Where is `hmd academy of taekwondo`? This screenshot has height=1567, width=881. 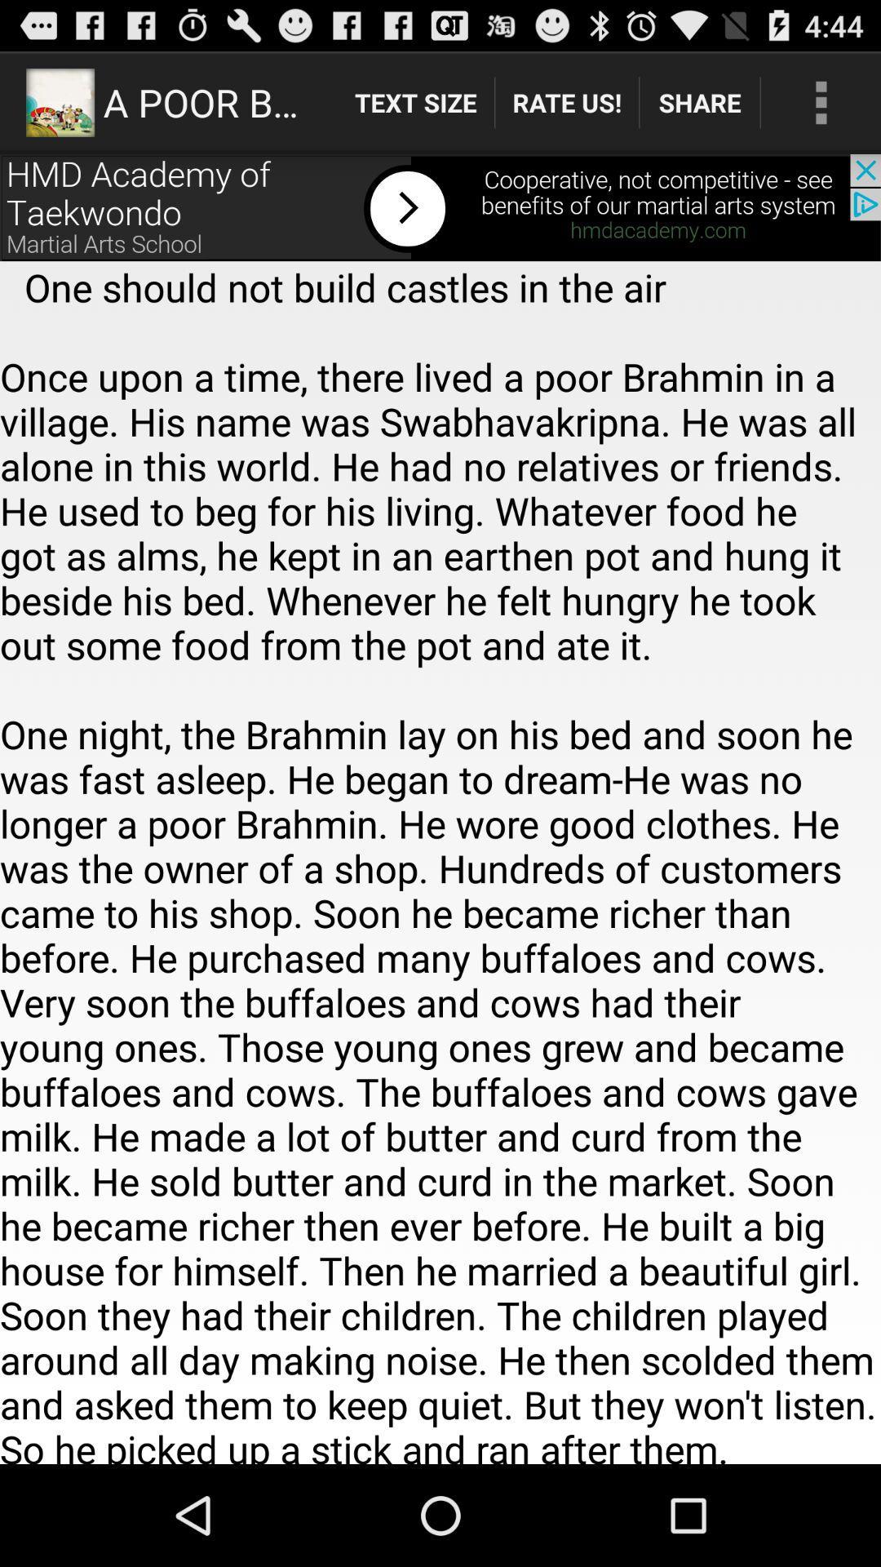 hmd academy of taekwondo is located at coordinates (440, 206).